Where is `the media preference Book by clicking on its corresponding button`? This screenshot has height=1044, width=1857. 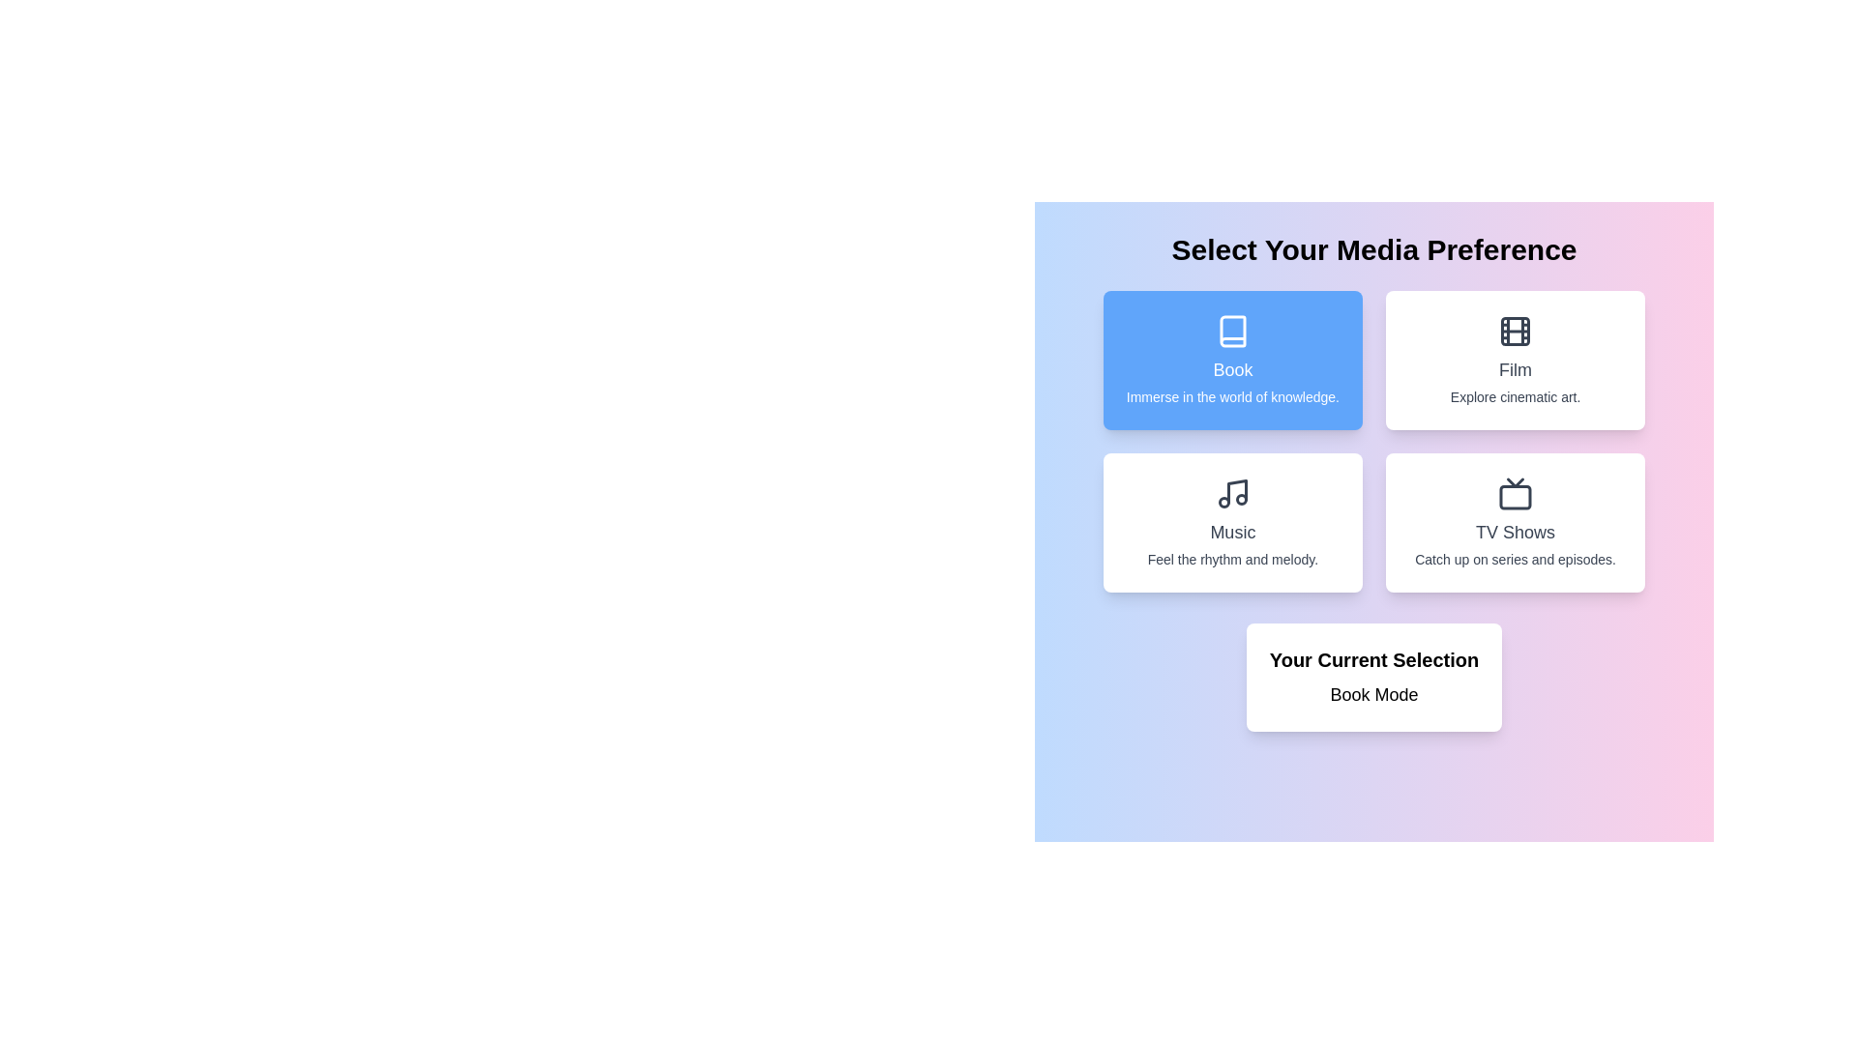
the media preference Book by clicking on its corresponding button is located at coordinates (1231, 361).